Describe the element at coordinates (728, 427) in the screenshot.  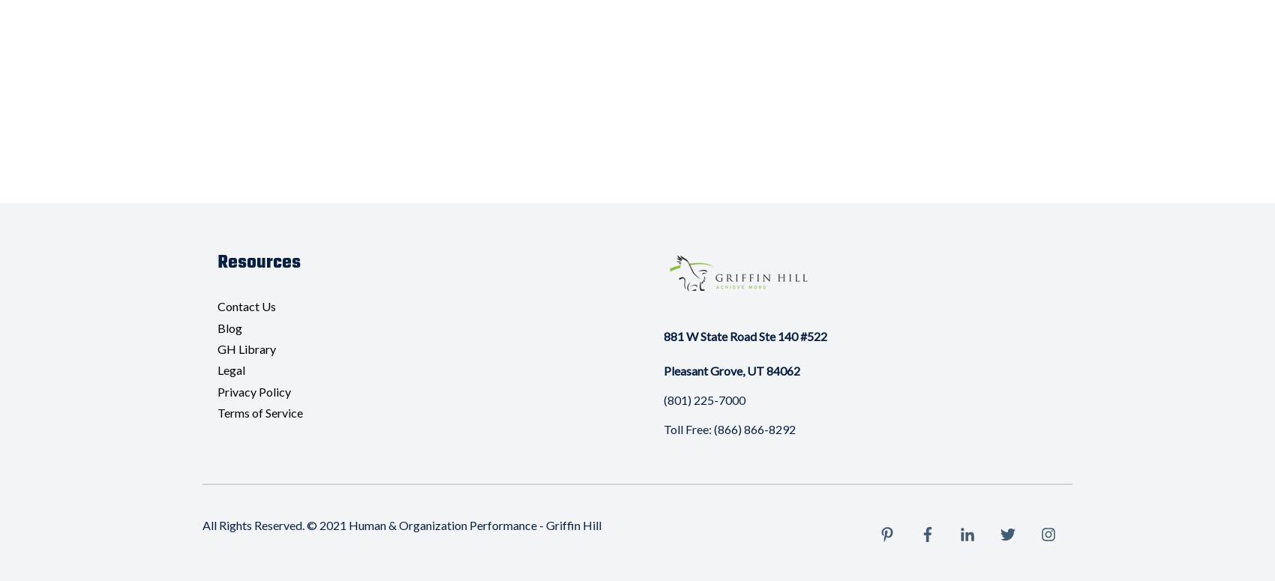
I see `'Toll Free: (866) 866-8292'` at that location.